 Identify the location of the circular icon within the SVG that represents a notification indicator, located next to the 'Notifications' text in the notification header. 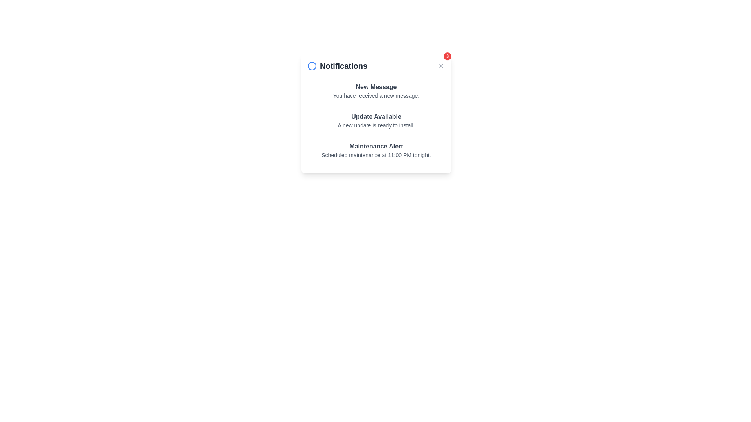
(311, 66).